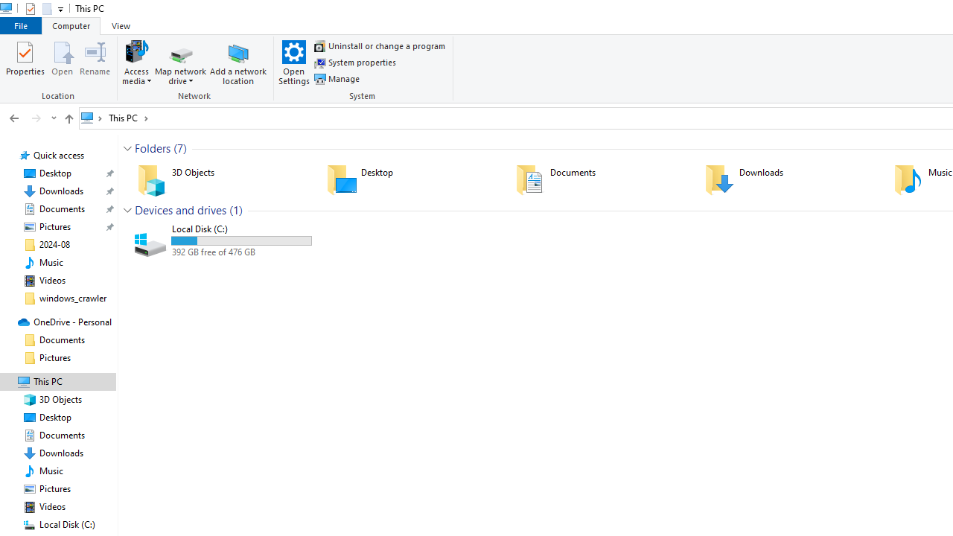  What do you see at coordinates (14, 118) in the screenshot?
I see `'Back to 3D Objects (Alt + Left Arrow)'` at bounding box center [14, 118].